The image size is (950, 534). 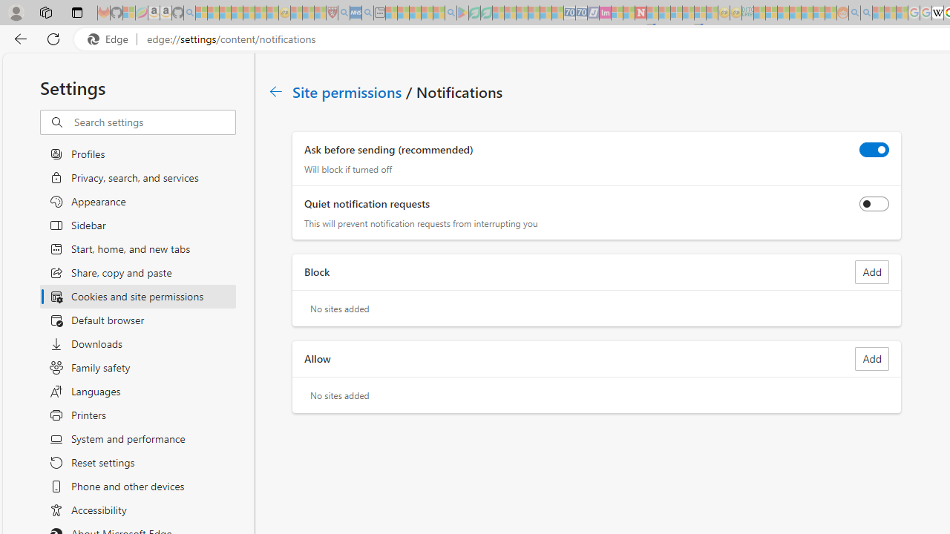 What do you see at coordinates (874, 149) in the screenshot?
I see `'Ask before sending (recommended)'` at bounding box center [874, 149].